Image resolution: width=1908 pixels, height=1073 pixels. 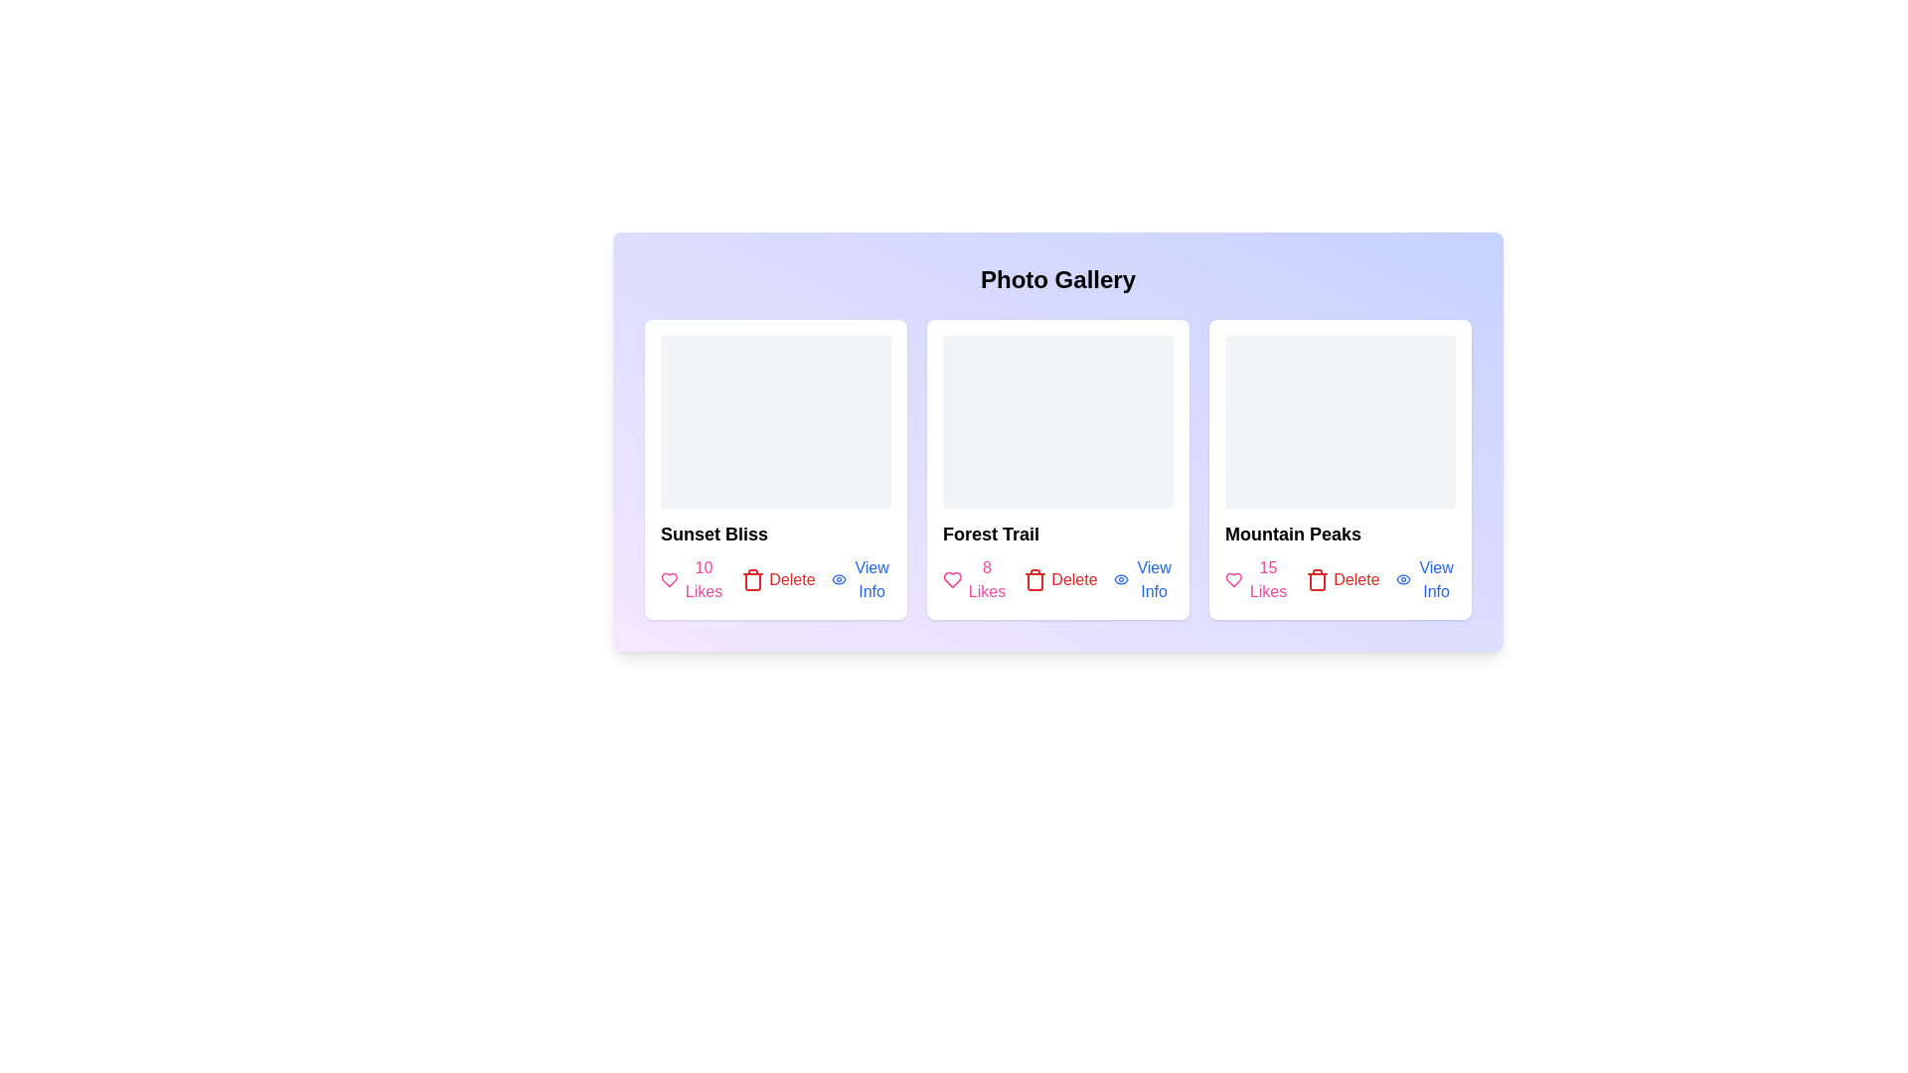 What do you see at coordinates (991, 533) in the screenshot?
I see `the title of the photo Forest Trail` at bounding box center [991, 533].